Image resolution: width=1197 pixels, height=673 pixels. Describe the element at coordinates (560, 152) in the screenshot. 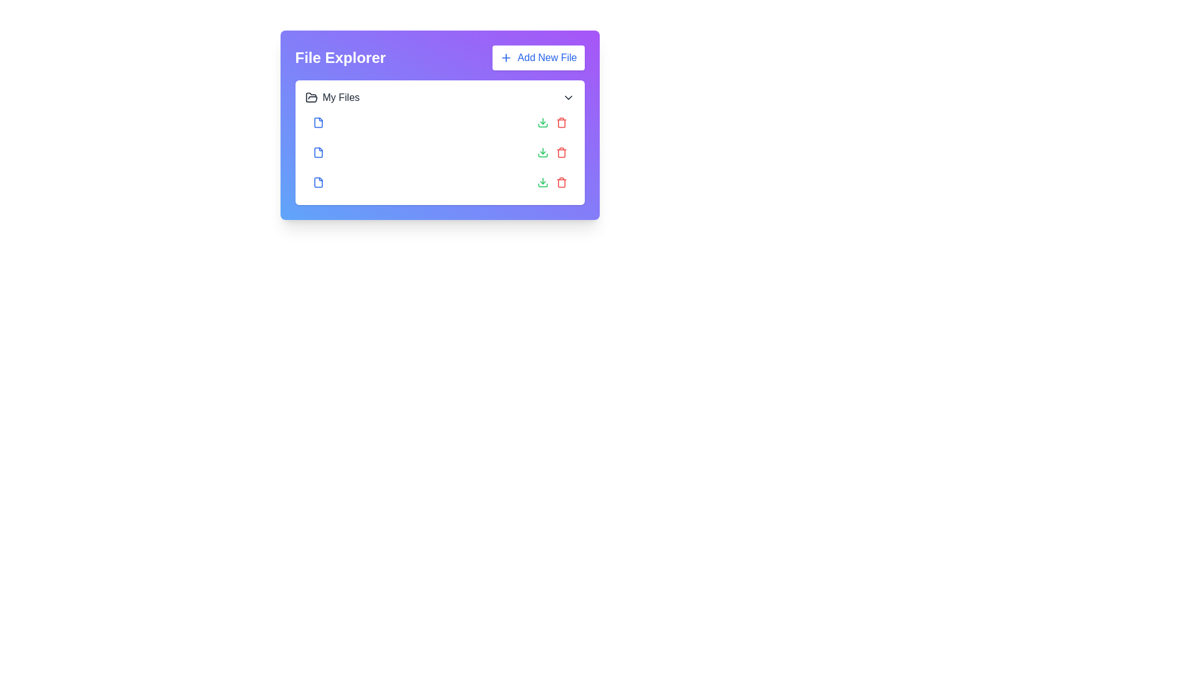

I see `the red trash bin icon button located on the right side of the file list interface` at that location.